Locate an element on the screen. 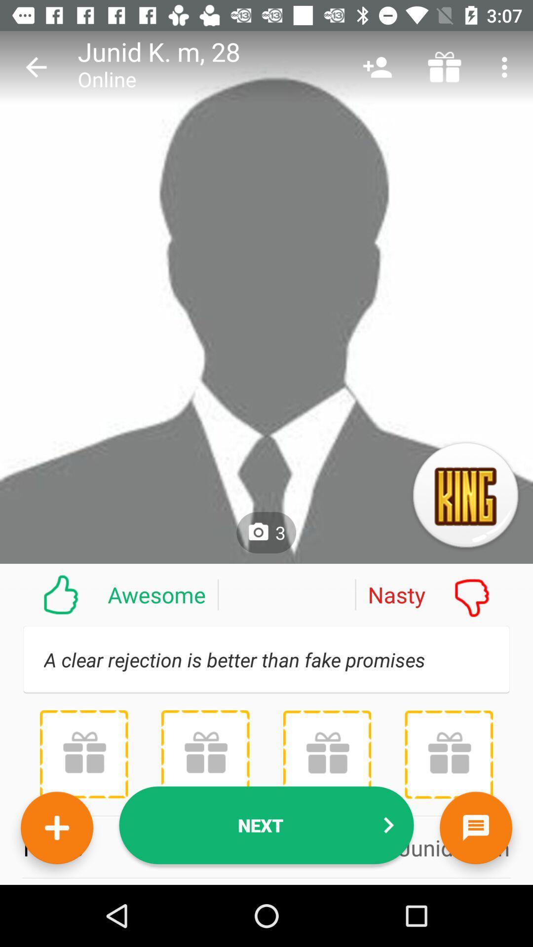  icon to the right of  m, 28 item is located at coordinates (377, 67).